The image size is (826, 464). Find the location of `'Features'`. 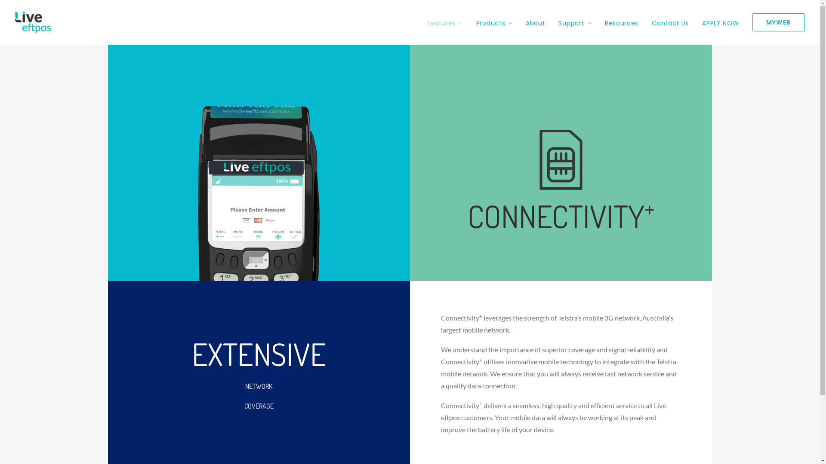

'Features' is located at coordinates (427, 21).